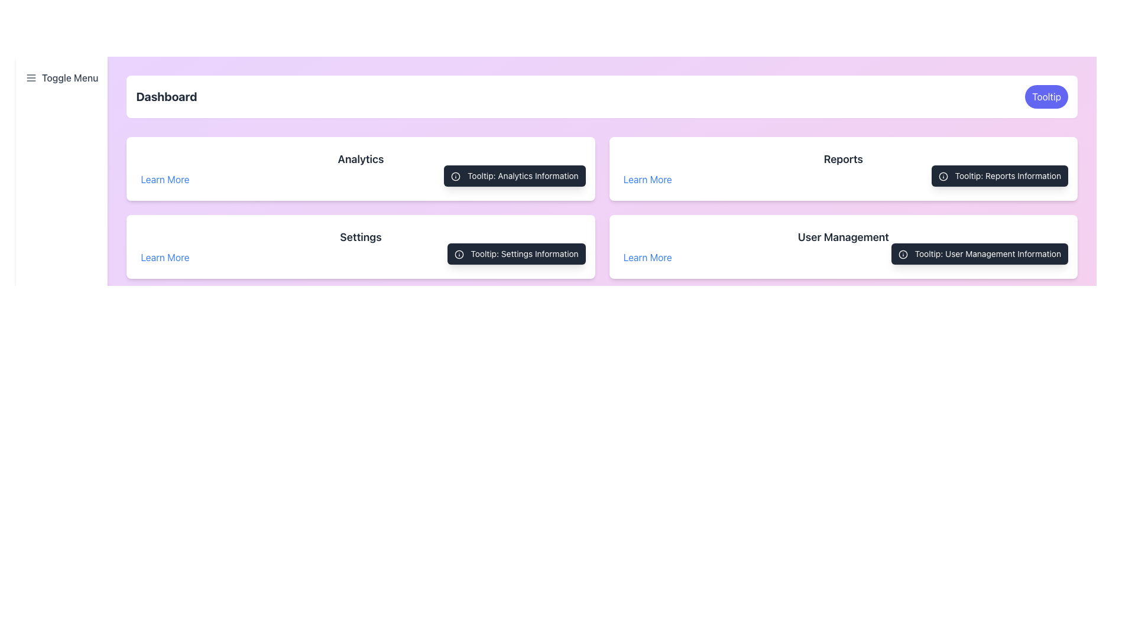 Image resolution: width=1135 pixels, height=638 pixels. Describe the element at coordinates (455, 177) in the screenshot. I see `the information icon, which is a compact graphic component with a circular outer boundary and a dot, located inside the tooltip labeled 'Tooltip: Analytics Information' near the 'Analytics' label` at that location.